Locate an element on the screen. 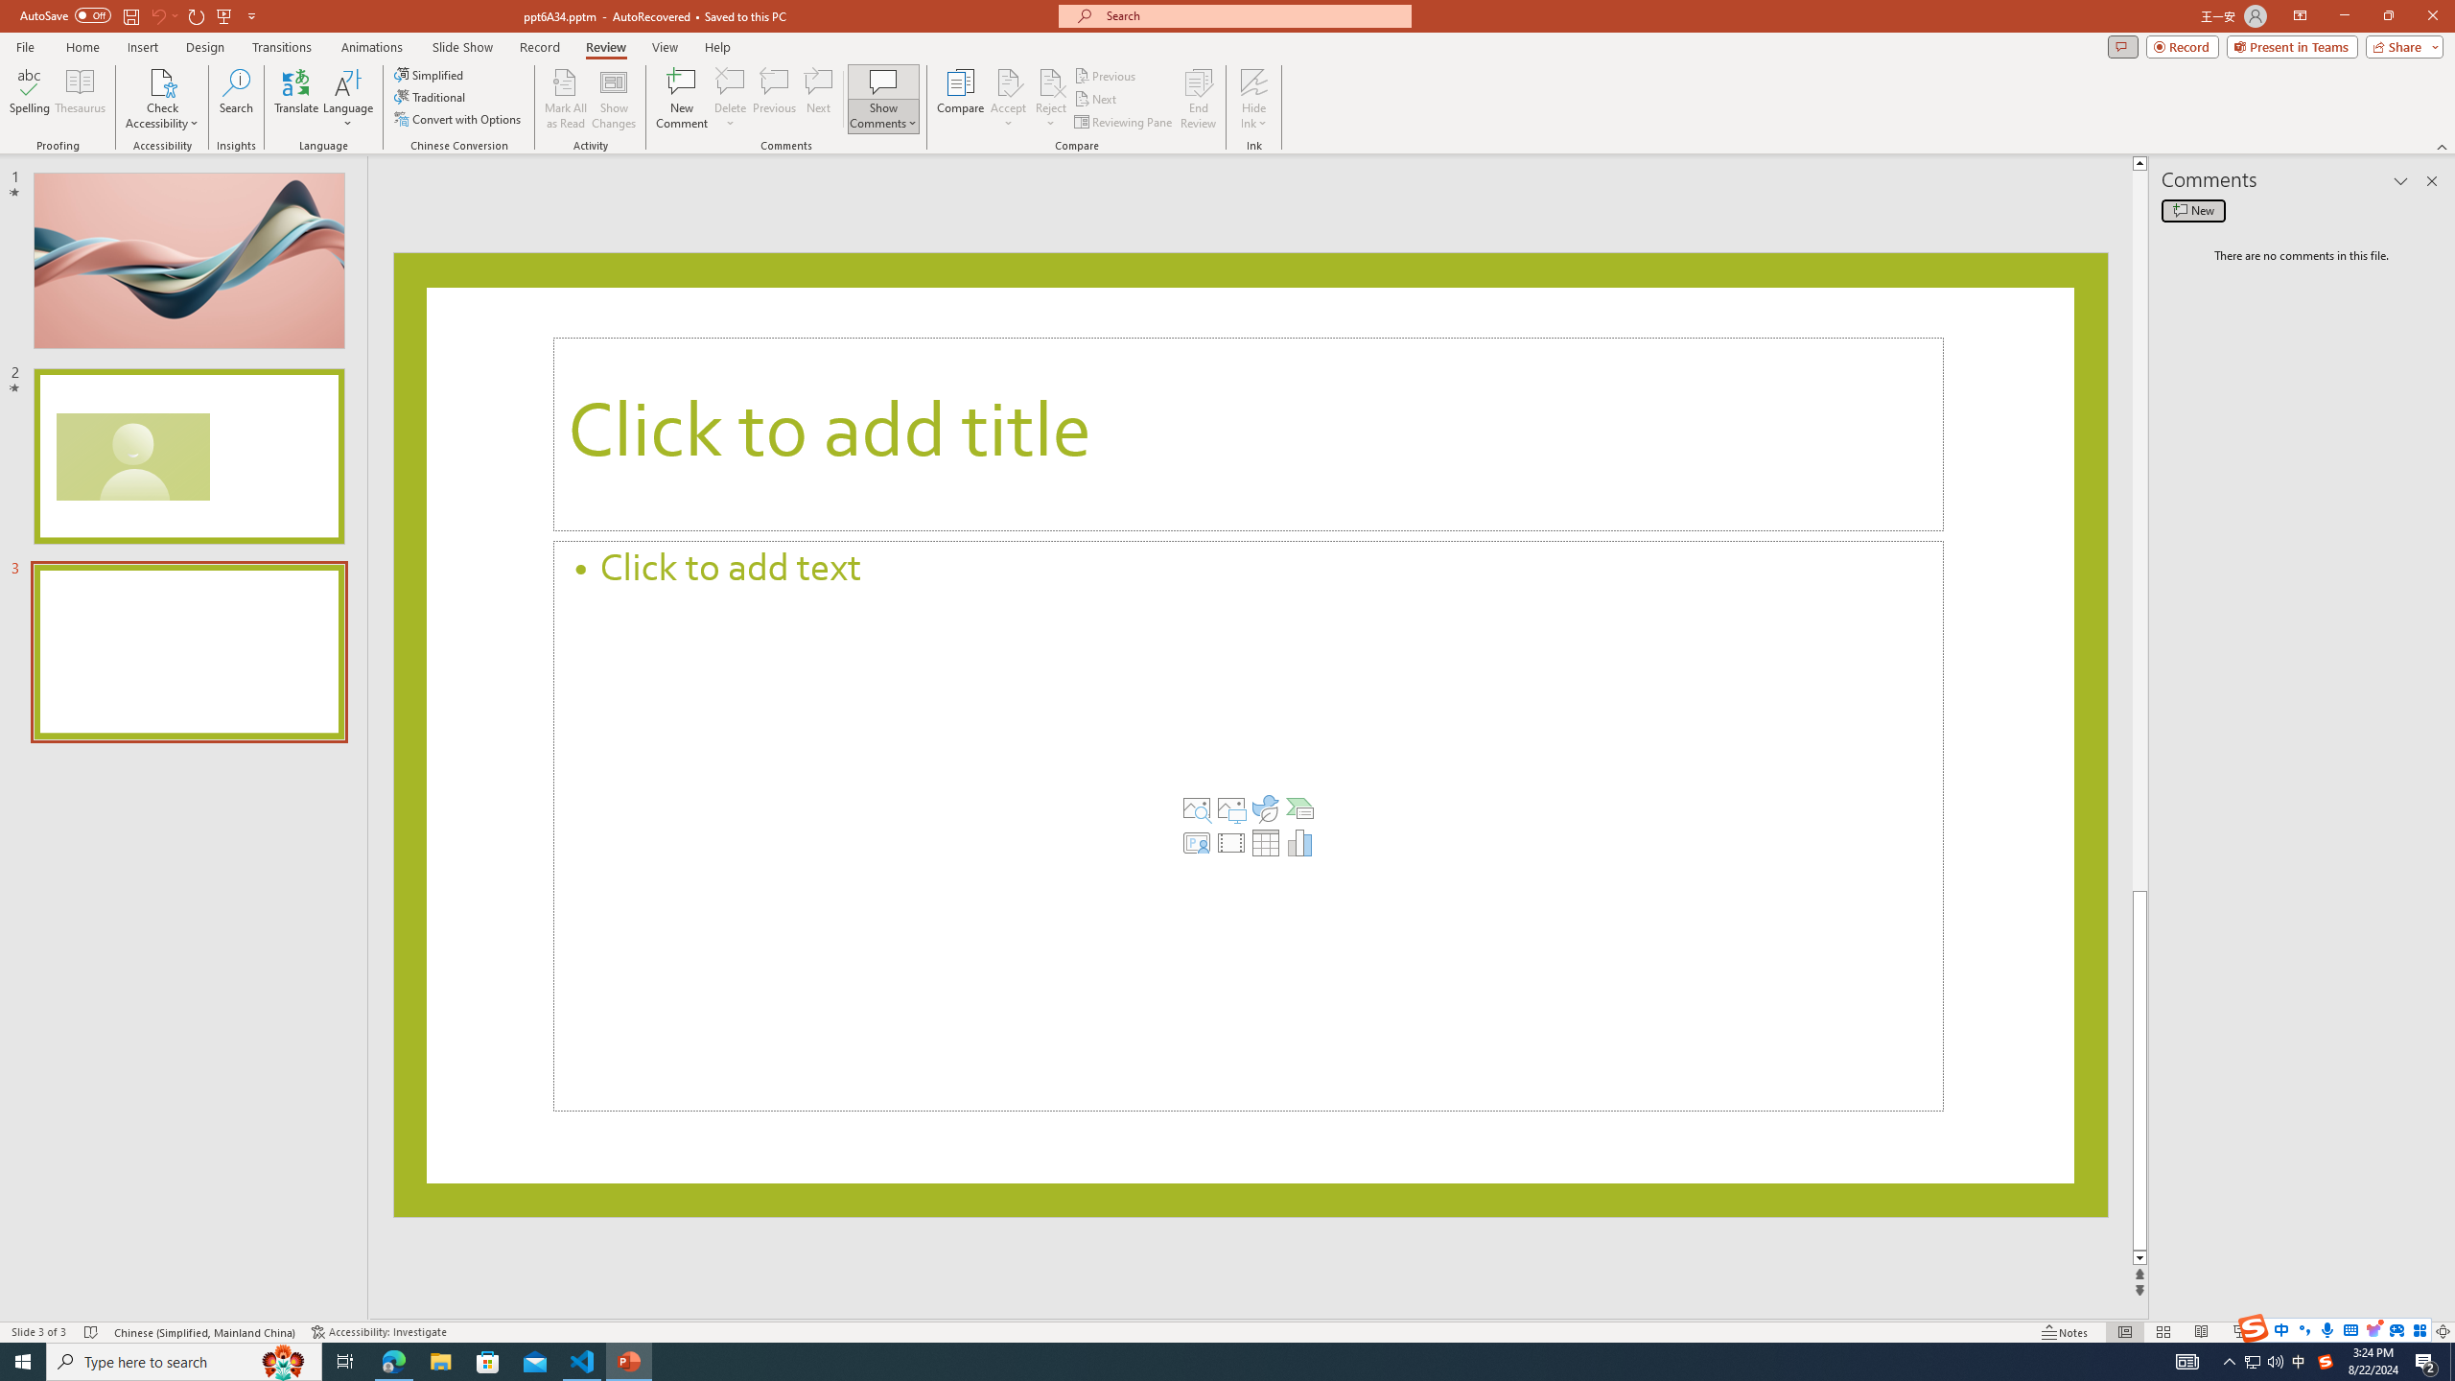  'Accept' is located at coordinates (1008, 99).